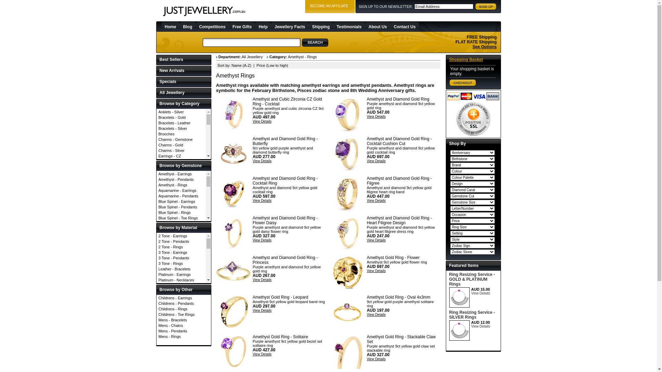 Image resolution: width=662 pixels, height=372 pixels. Describe the element at coordinates (181, 111) in the screenshot. I see `'Anklets - Silver'` at that location.